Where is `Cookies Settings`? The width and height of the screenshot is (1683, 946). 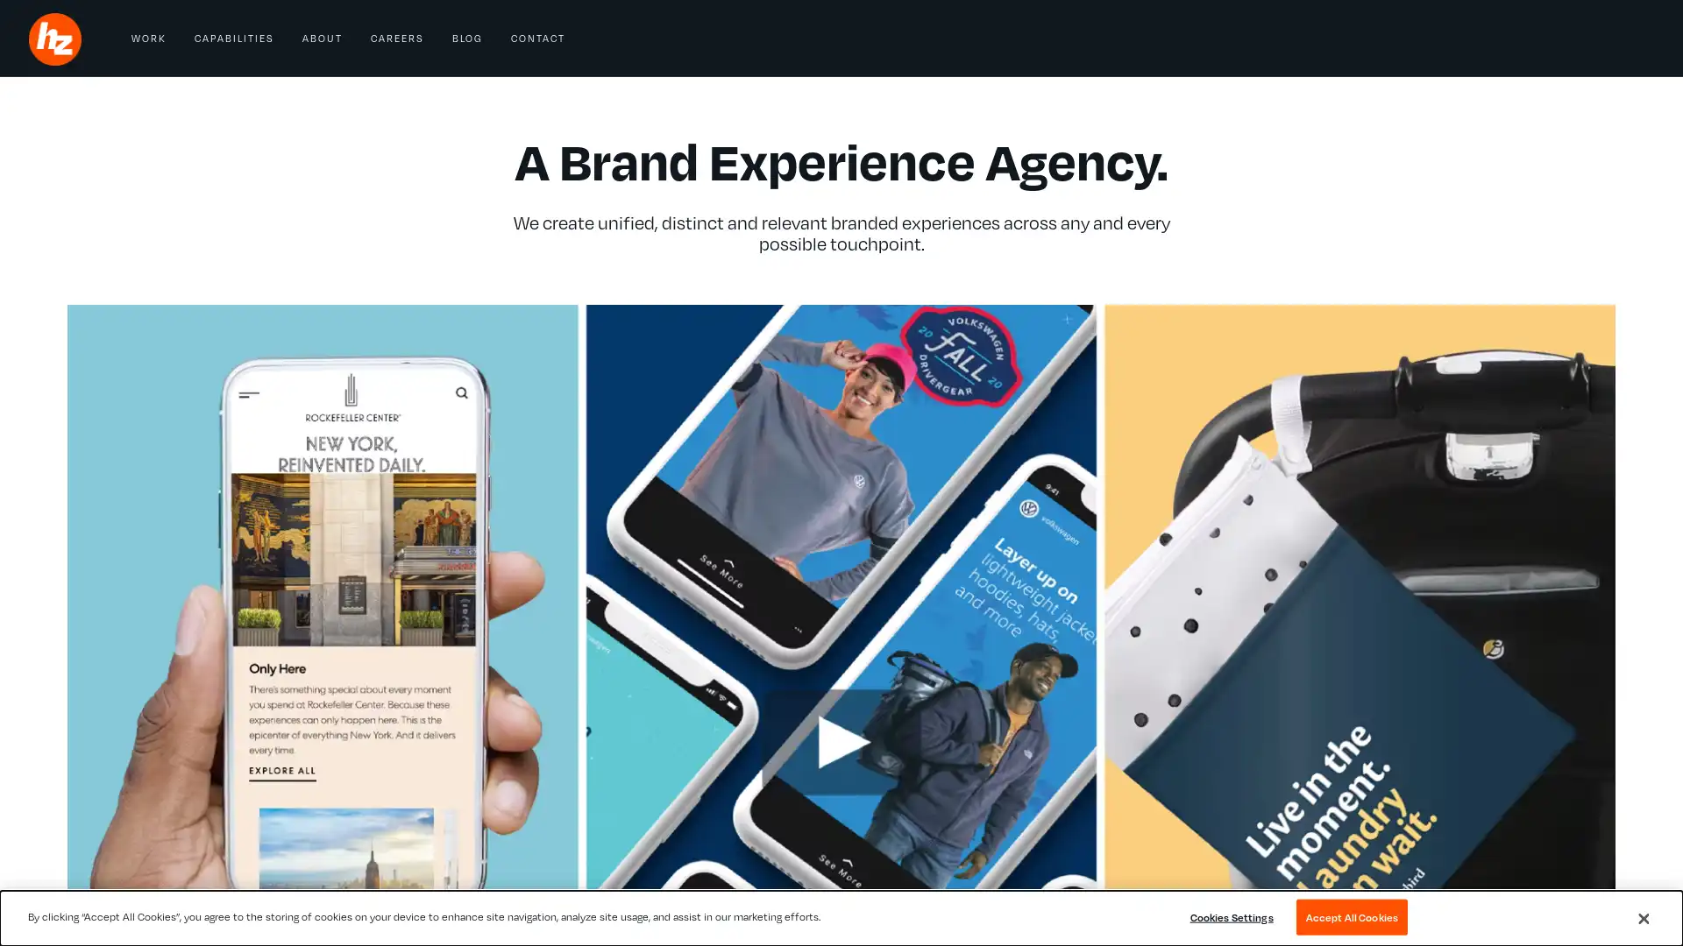
Cookies Settings is located at coordinates (1225, 915).